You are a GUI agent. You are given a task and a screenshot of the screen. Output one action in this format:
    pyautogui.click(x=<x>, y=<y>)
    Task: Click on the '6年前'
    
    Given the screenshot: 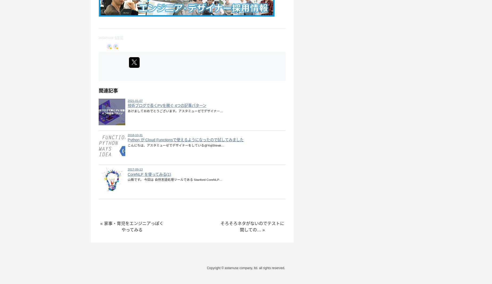 What is the action you would take?
    pyautogui.click(x=119, y=37)
    